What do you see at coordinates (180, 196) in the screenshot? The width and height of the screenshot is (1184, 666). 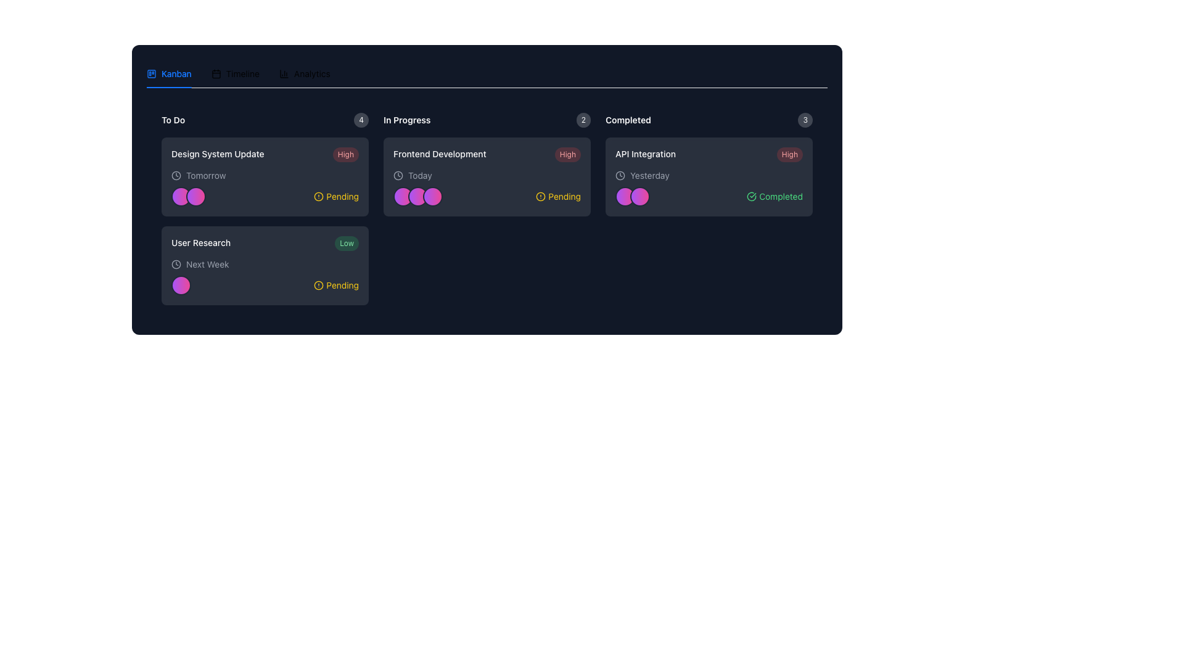 I see `the first decorative circular badge located in the left-middle region of the 'To Do' card titled 'Design System Update'` at bounding box center [180, 196].